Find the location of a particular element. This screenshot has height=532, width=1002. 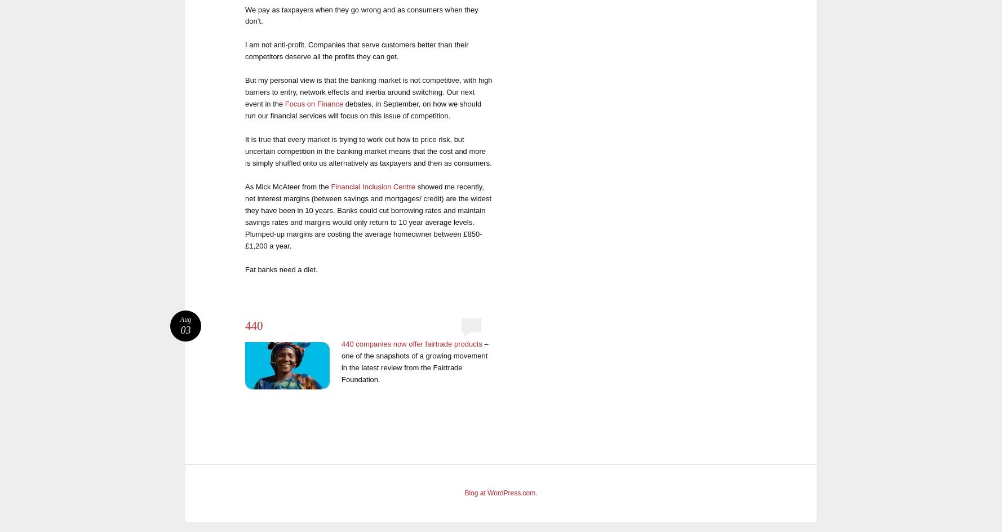

'440' is located at coordinates (245, 325).